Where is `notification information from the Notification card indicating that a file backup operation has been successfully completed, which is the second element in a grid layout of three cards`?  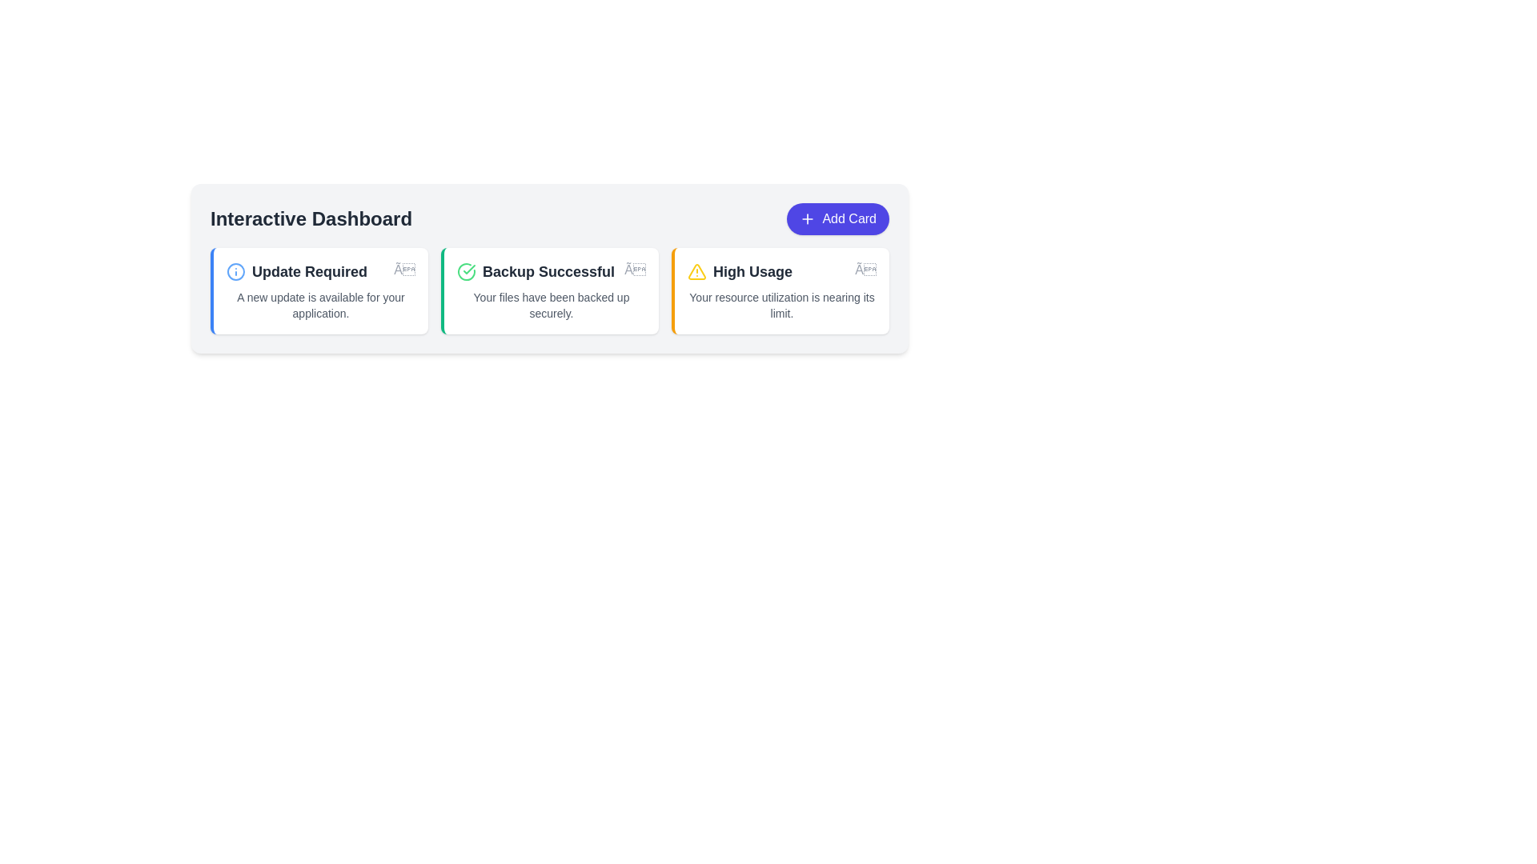
notification information from the Notification card indicating that a file backup operation has been successfully completed, which is the second element in a grid layout of three cards is located at coordinates (549, 290).